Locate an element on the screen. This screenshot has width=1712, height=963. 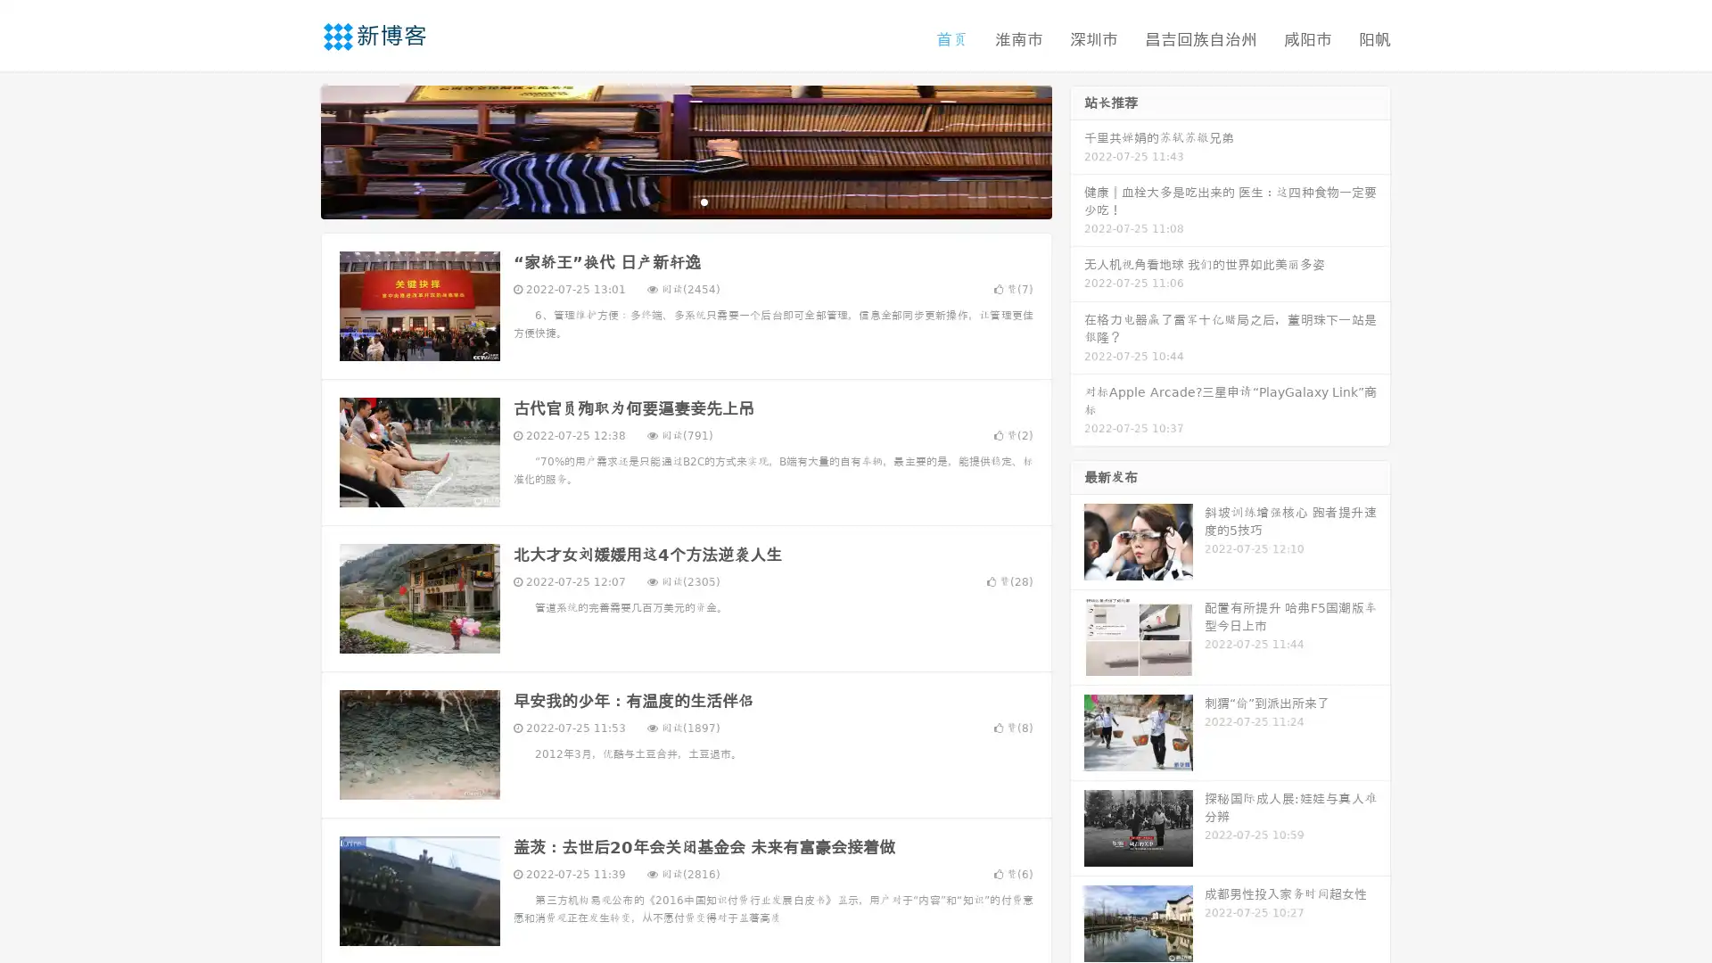
Go to slide 3 is located at coordinates (704, 201).